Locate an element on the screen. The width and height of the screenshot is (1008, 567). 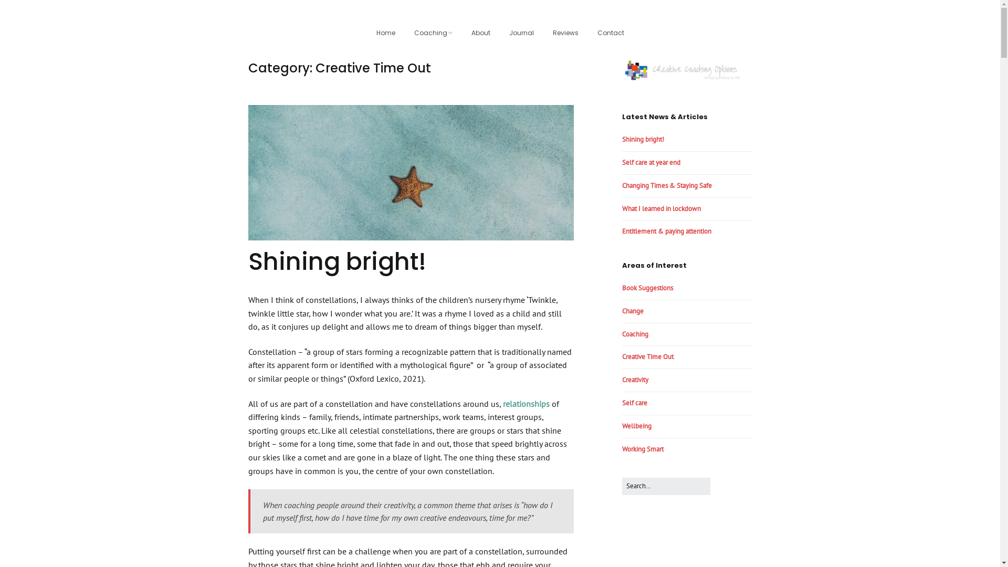
'Coaching' is located at coordinates (634, 334).